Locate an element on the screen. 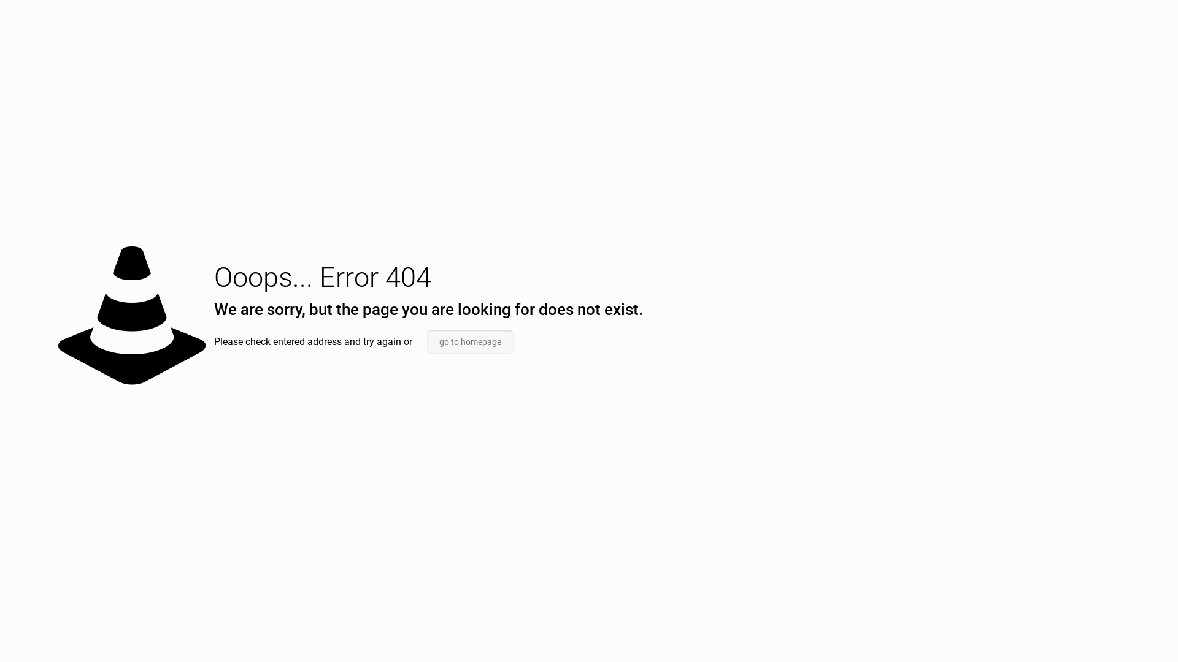 The image size is (1178, 662). 'go to homepage' is located at coordinates (469, 342).